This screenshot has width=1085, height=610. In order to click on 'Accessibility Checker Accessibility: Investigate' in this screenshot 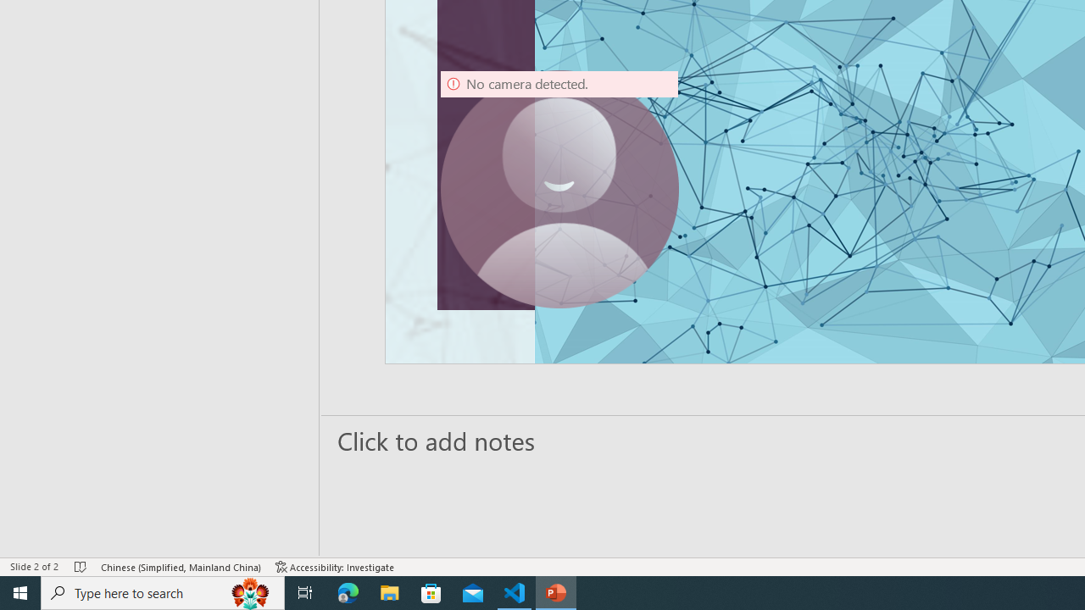, I will do `click(335, 567)`.